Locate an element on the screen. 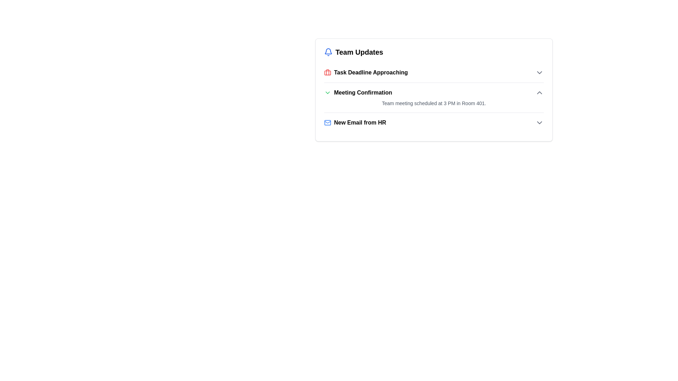 Image resolution: width=678 pixels, height=381 pixels. the bell icon located to the left of the 'Team Updates' text is located at coordinates (328, 52).